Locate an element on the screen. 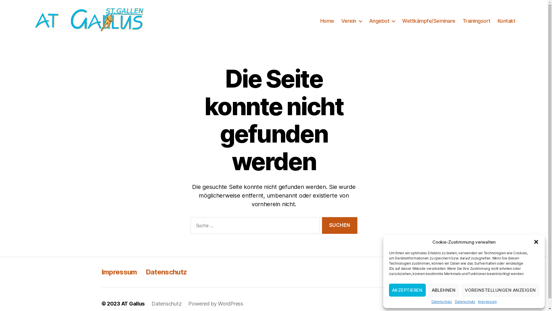 The height and width of the screenshot is (311, 552). 'AT Gallus' is located at coordinates (133, 303).